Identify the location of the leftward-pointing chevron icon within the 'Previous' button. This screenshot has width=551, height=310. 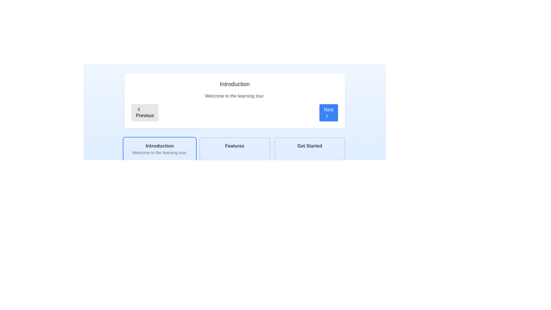
(139, 109).